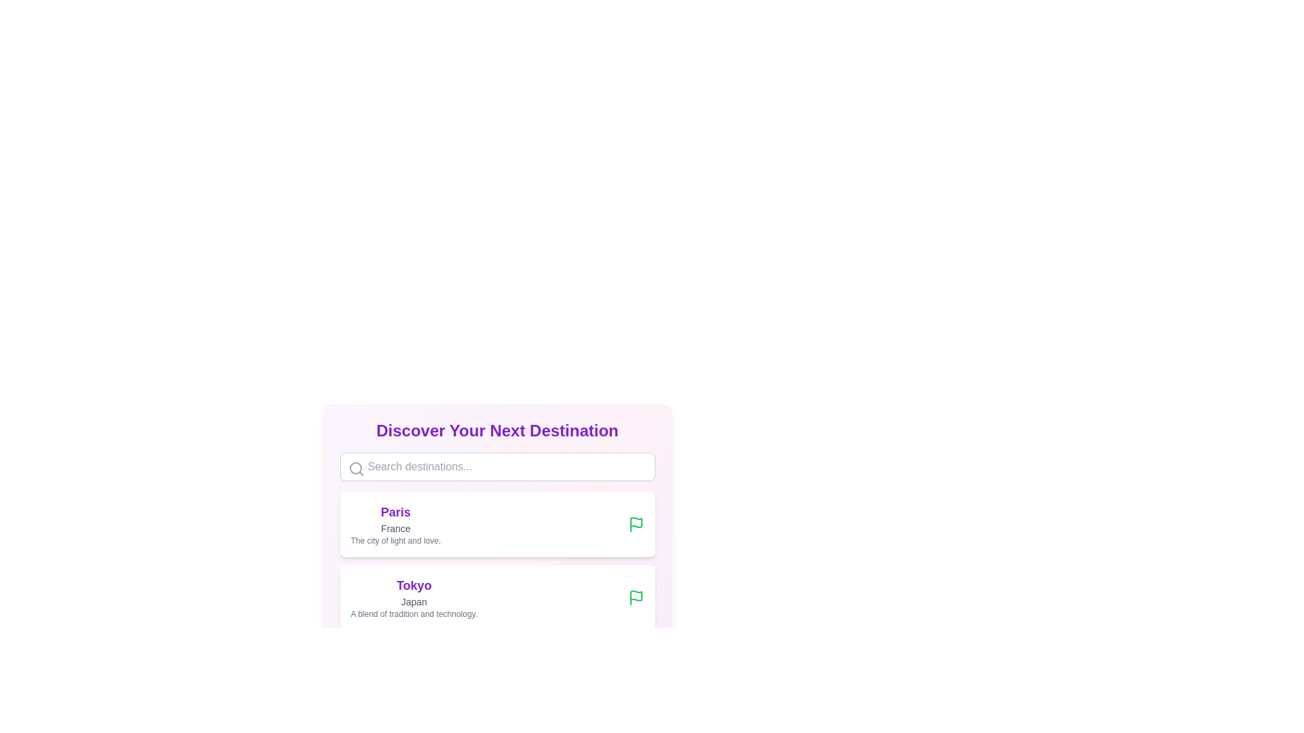  I want to click on the icon located in the second row of the search results section, right-aligned relative to the text content 'Tokyo' and 'Japan', so click(635, 522).